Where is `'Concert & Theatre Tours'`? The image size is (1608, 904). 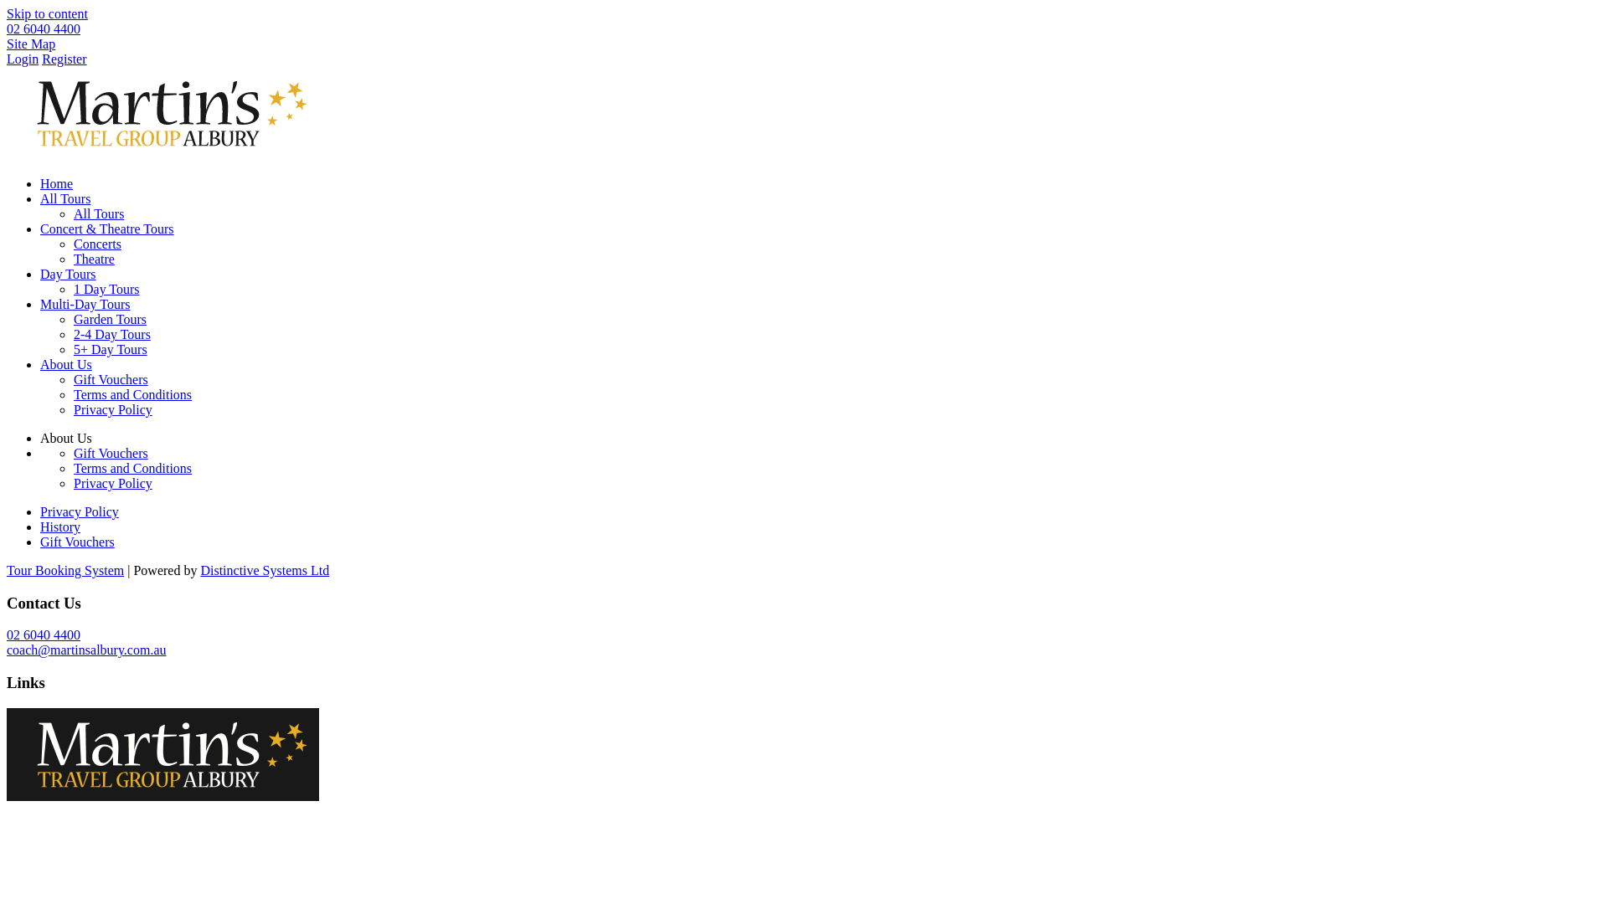 'Concert & Theatre Tours' is located at coordinates (106, 229).